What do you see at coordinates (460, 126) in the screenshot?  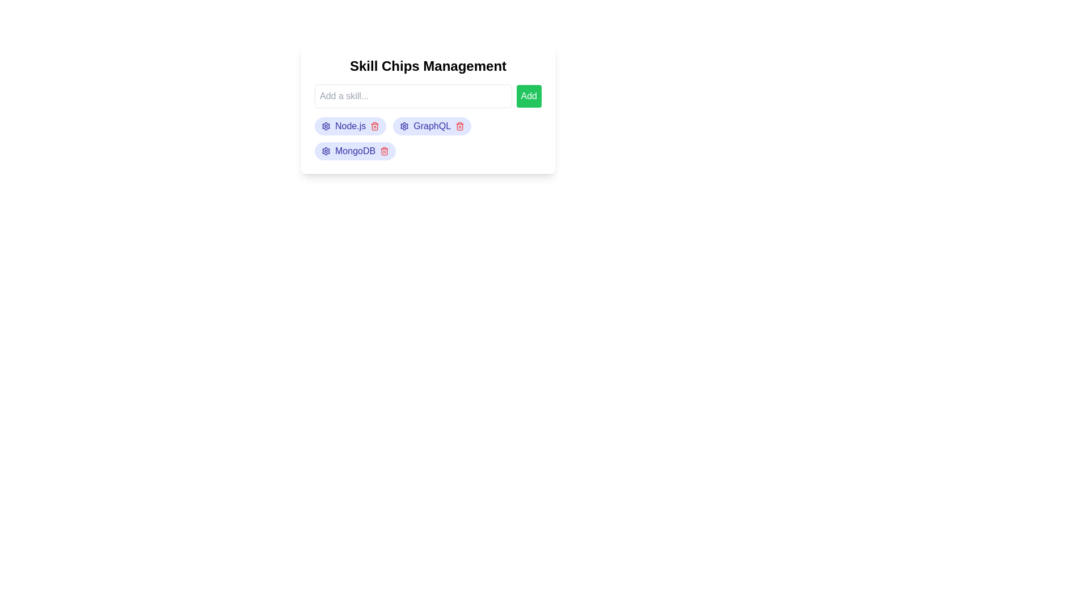 I see `the skill chip named GraphQL by clicking its trash icon` at bounding box center [460, 126].